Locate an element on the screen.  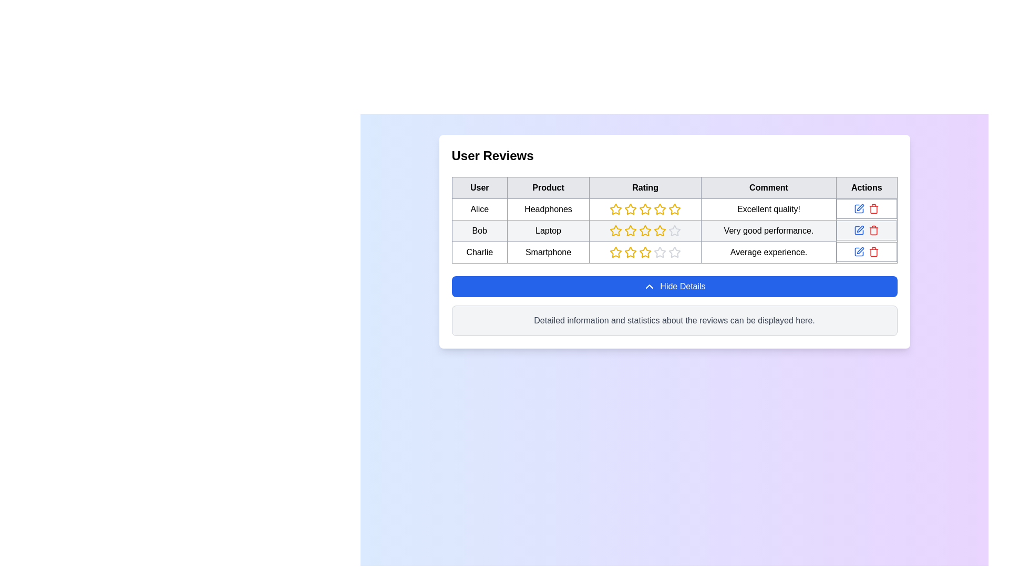
the fourth star icon in the 'Rating' column of the second row in the 'User Reviews' table, which represents the user's rating for 'Bob' is located at coordinates (615, 230).